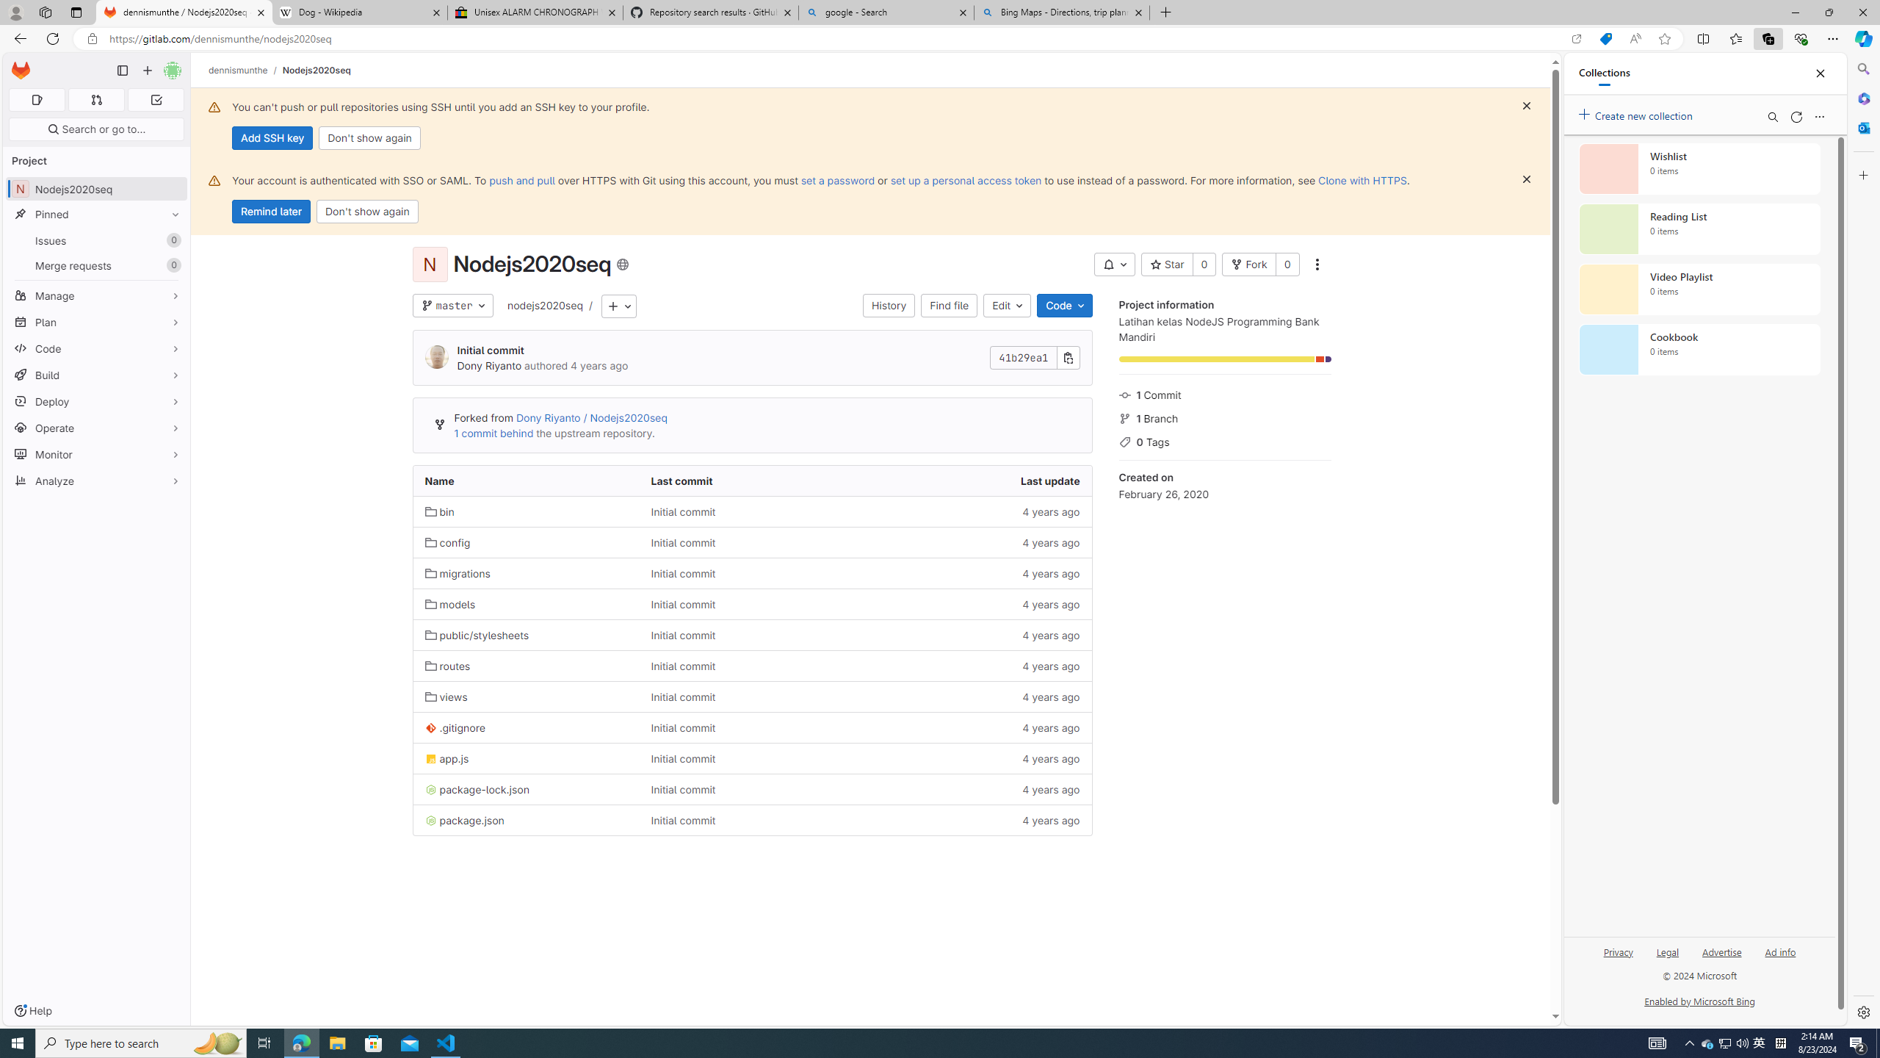  What do you see at coordinates (544, 304) in the screenshot?
I see `'nodejs2020seq'` at bounding box center [544, 304].